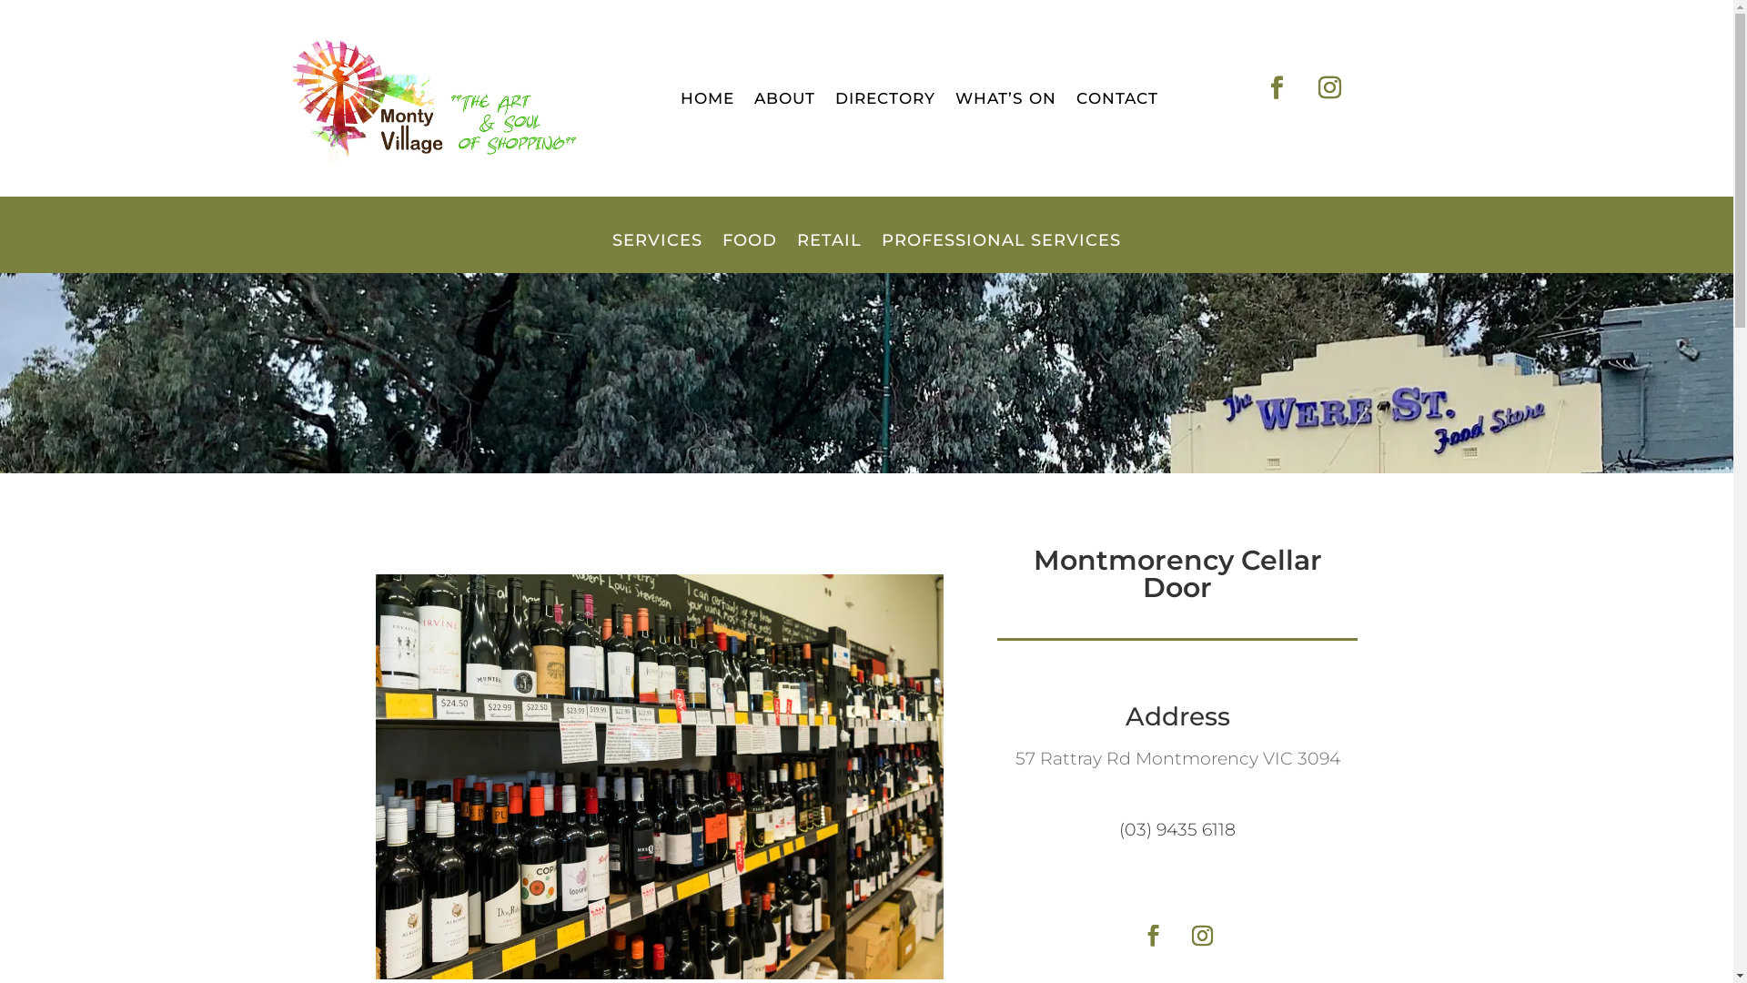 Image resolution: width=1747 pixels, height=983 pixels. I want to click on 'PROFESSIONAL SERVICES', so click(1000, 253).